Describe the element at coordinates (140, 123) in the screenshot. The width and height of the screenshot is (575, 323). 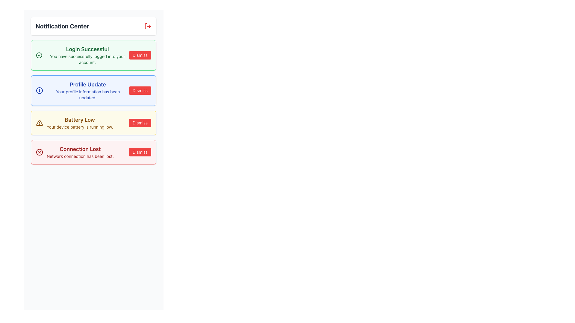
I see `the 'Dismiss' button in the low battery notification card` at that location.